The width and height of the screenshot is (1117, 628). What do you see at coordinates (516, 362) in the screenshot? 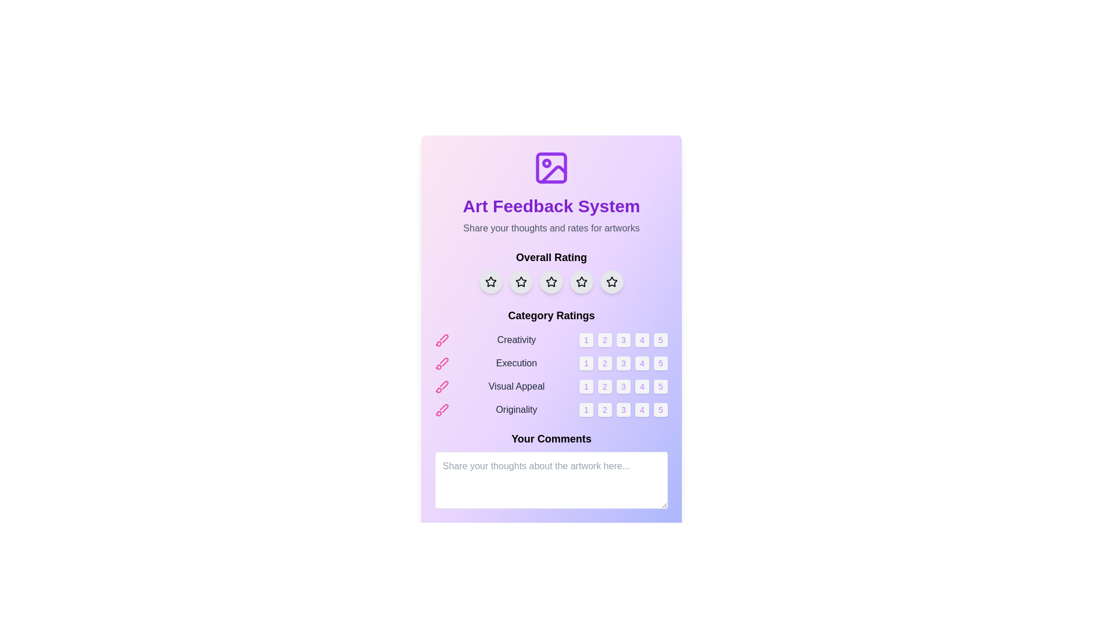
I see `the Text Label reading 'Execution' located under the 'Category Ratings' header, positioned between a pink pencil icon and rating numbers from 1 to 5` at bounding box center [516, 362].